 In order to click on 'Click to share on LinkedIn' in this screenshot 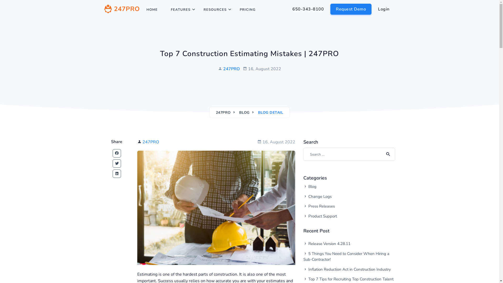, I will do `click(117, 174)`.